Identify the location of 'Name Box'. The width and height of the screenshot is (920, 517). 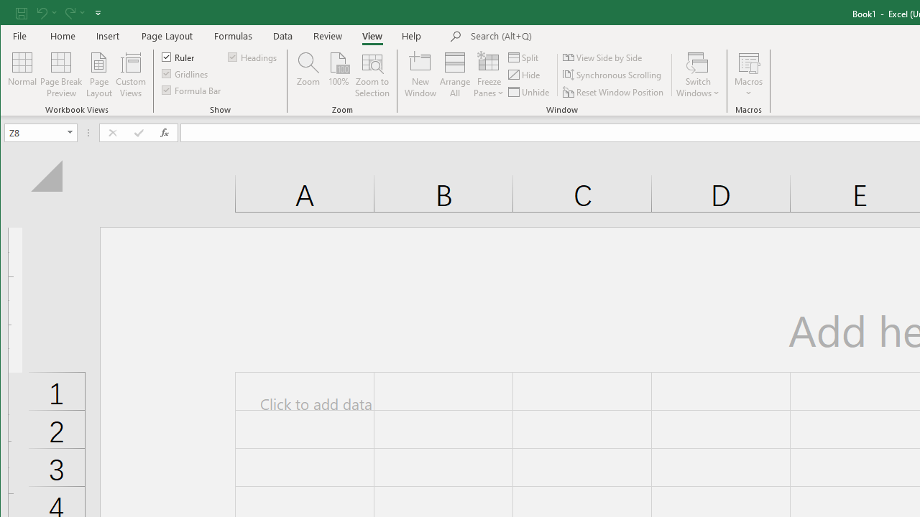
(40, 133).